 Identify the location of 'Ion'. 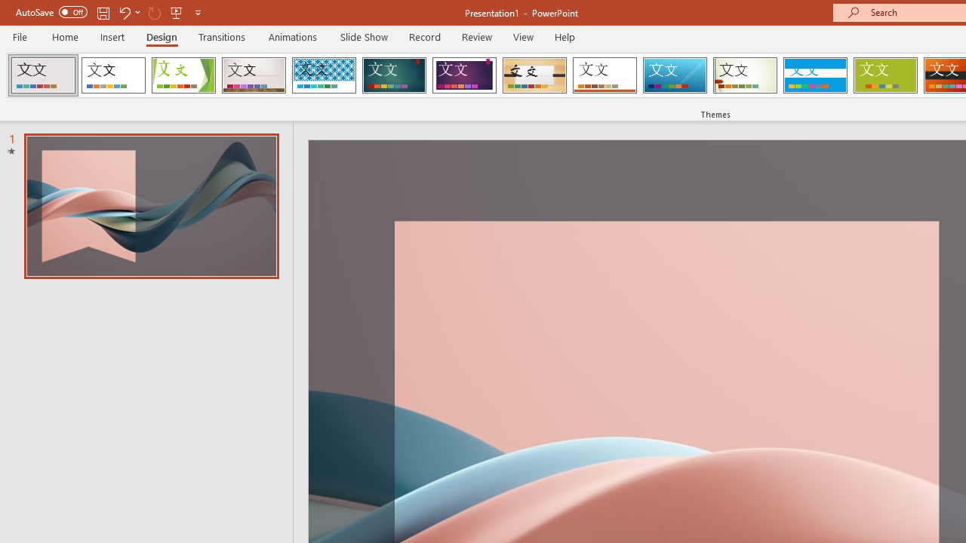
(394, 75).